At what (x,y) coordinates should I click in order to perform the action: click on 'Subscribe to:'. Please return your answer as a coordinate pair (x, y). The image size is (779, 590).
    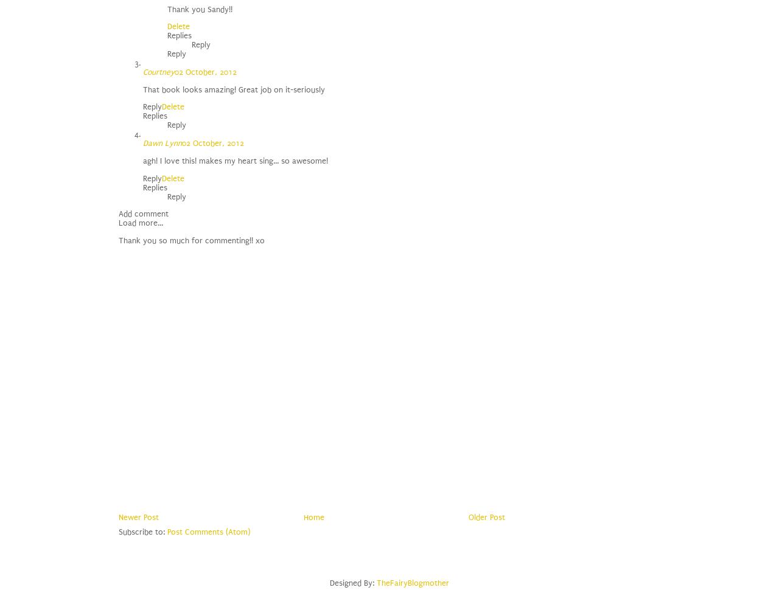
    Looking at the image, I should click on (118, 532).